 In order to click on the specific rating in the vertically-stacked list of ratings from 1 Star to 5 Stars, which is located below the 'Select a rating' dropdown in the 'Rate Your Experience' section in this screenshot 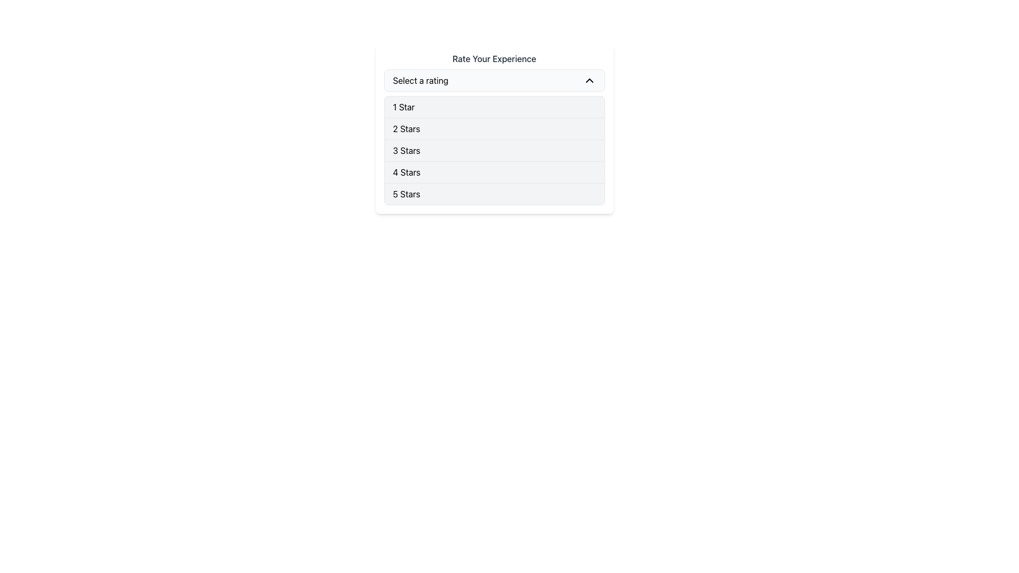, I will do `click(494, 151)`.